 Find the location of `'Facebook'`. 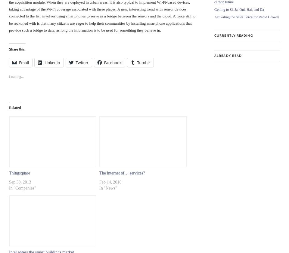

'Facebook' is located at coordinates (112, 62).